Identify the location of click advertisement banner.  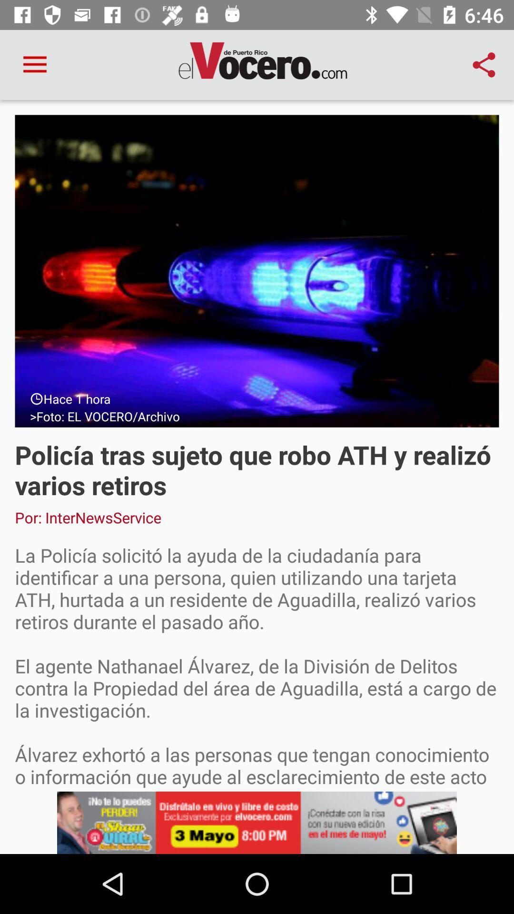
(257, 822).